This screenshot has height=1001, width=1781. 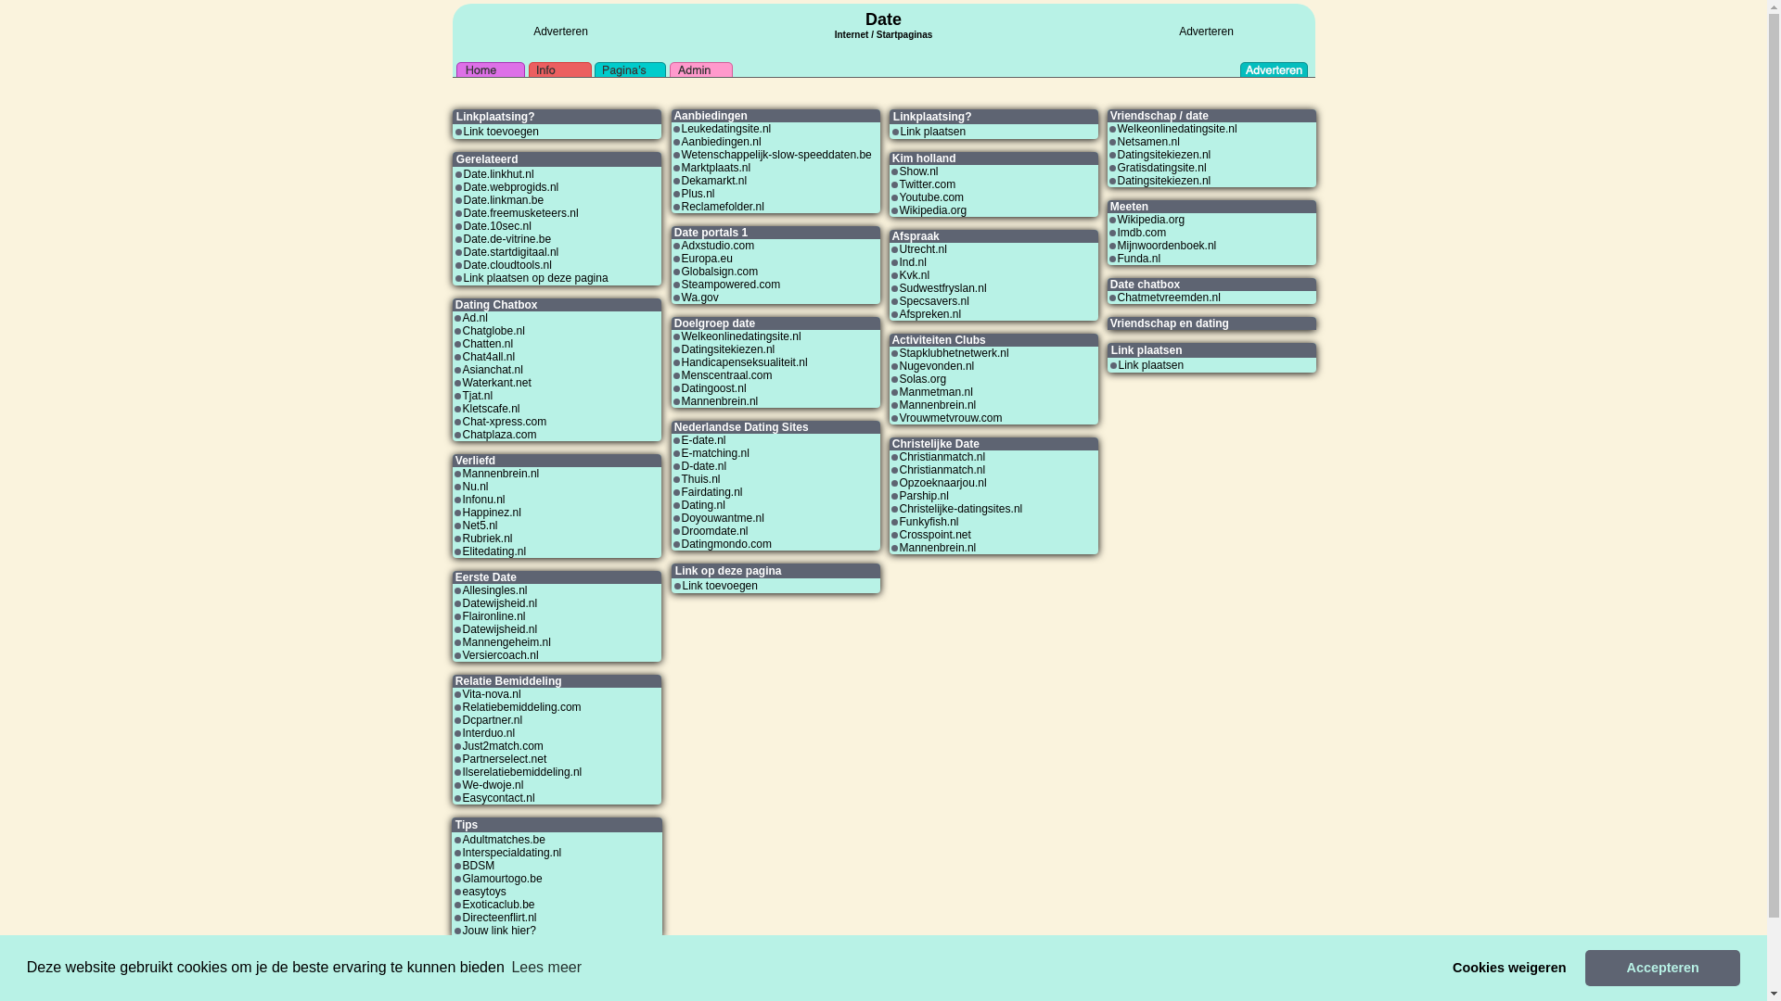 I want to click on 'E-matching.nl', so click(x=713, y=453).